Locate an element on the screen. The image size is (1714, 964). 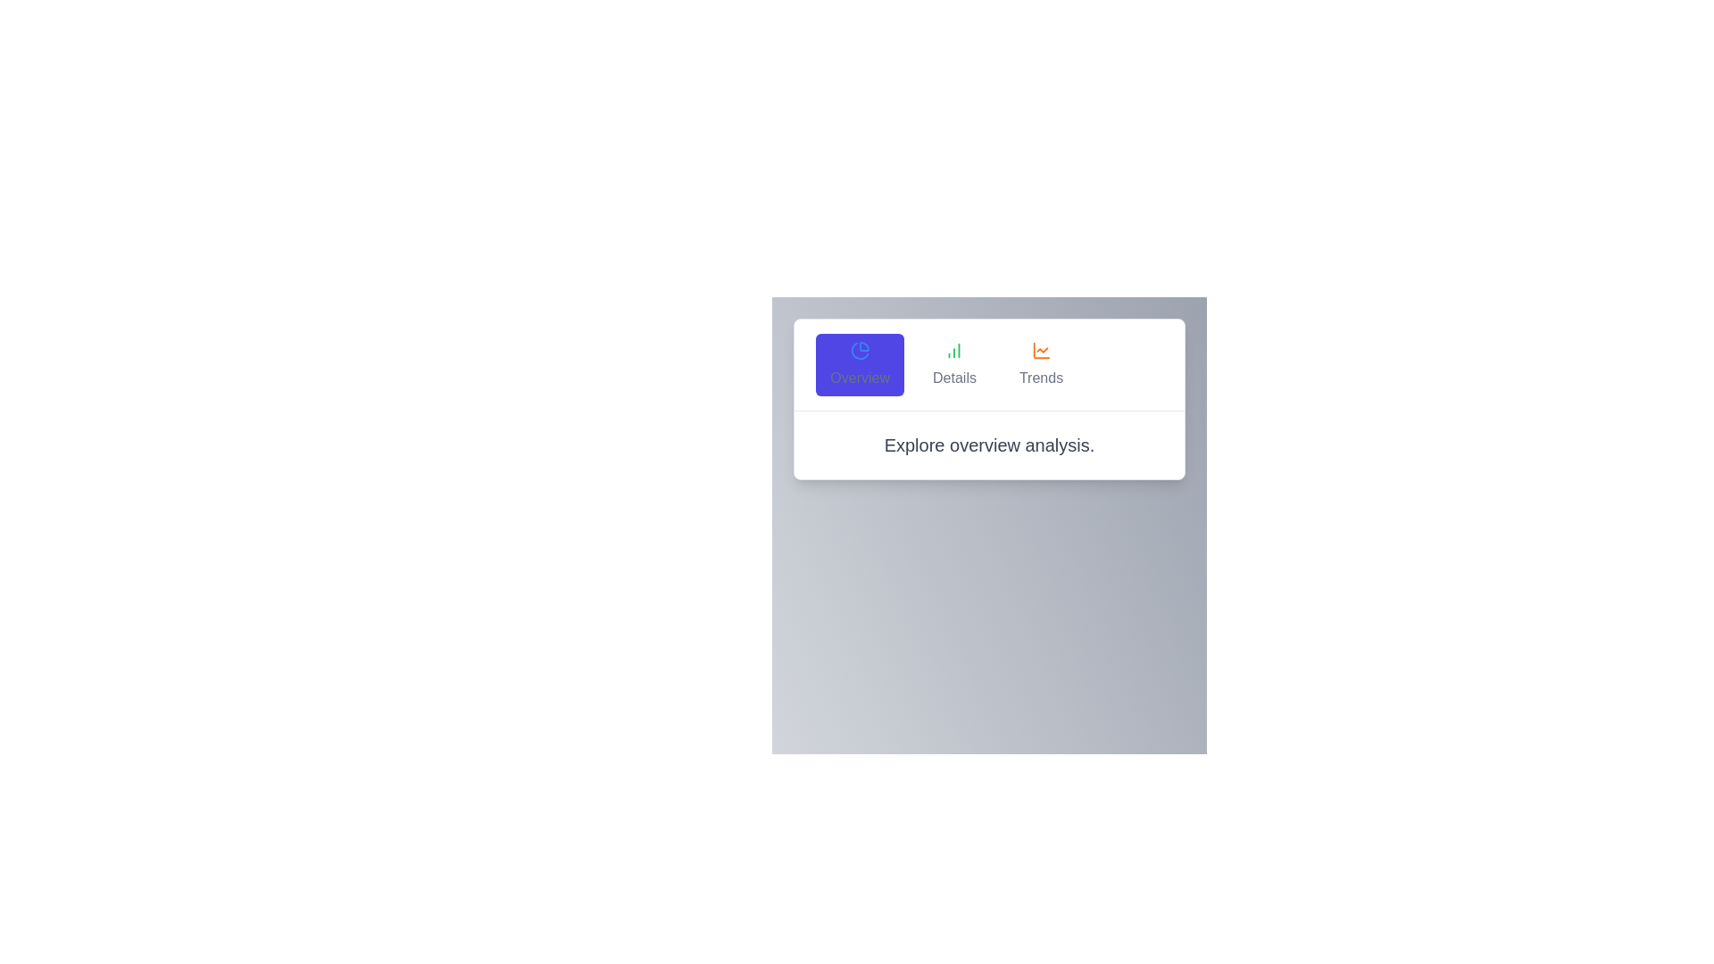
the tab labeled Overview is located at coordinates (860, 363).